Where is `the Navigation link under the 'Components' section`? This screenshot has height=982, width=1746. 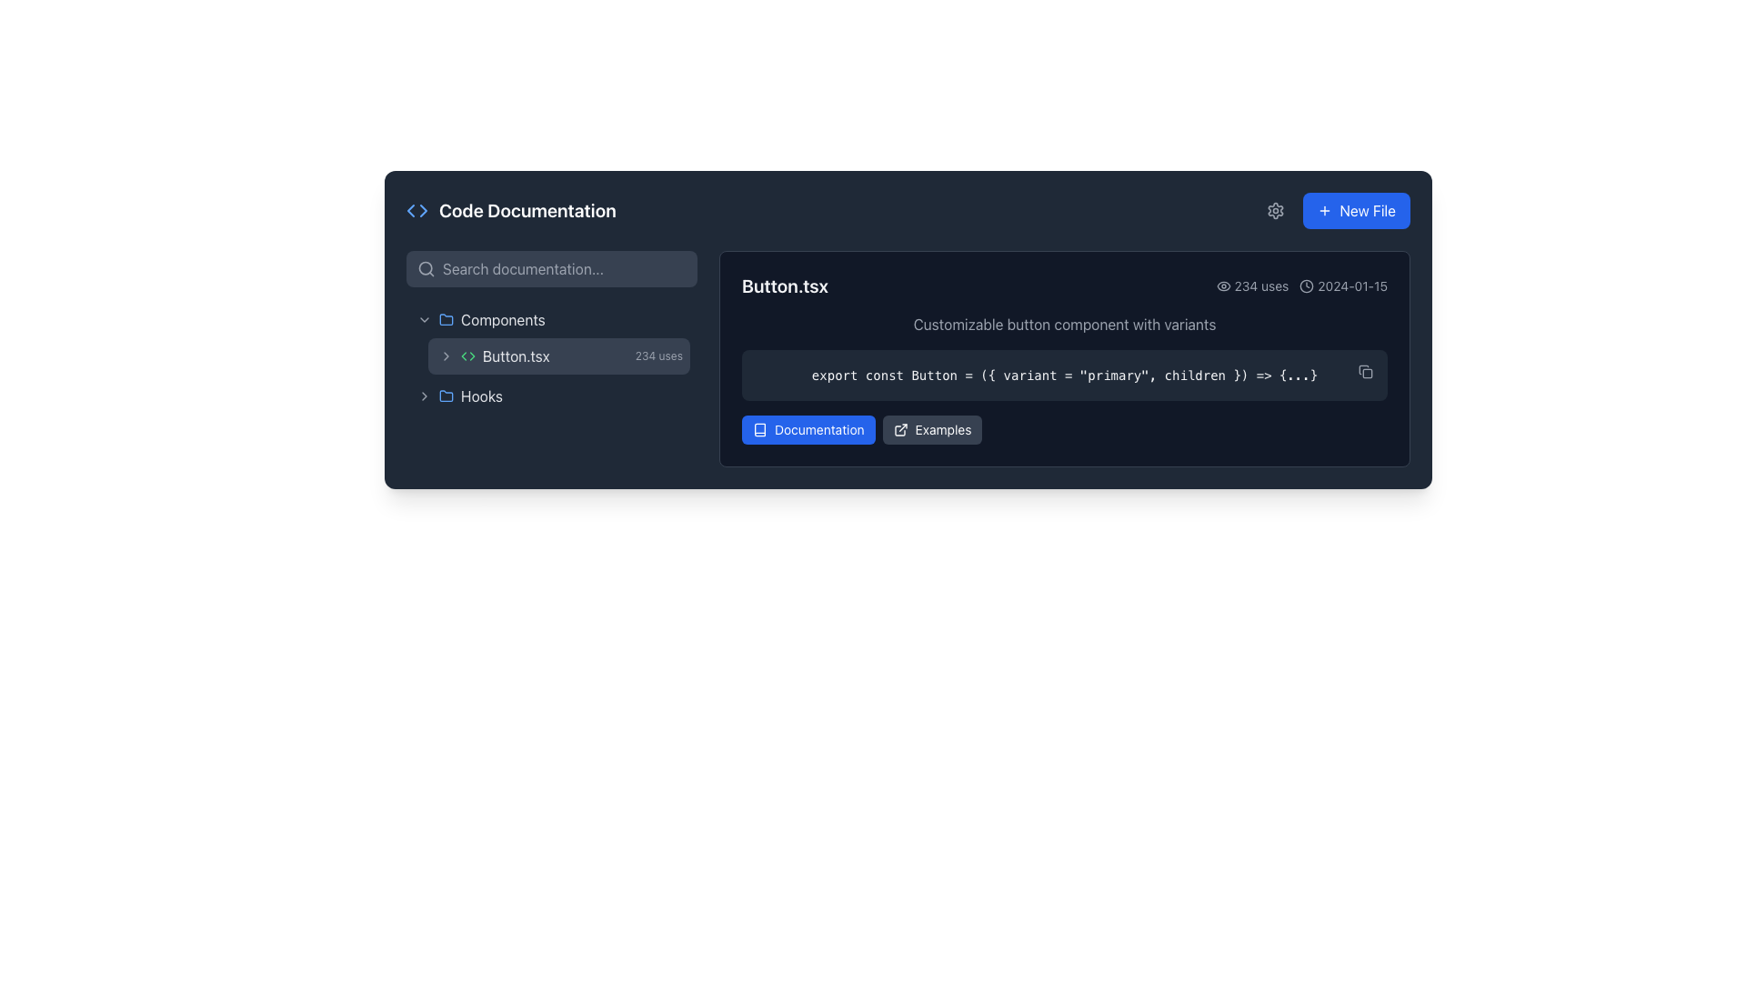 the Navigation link under the 'Components' section is located at coordinates (547, 356).